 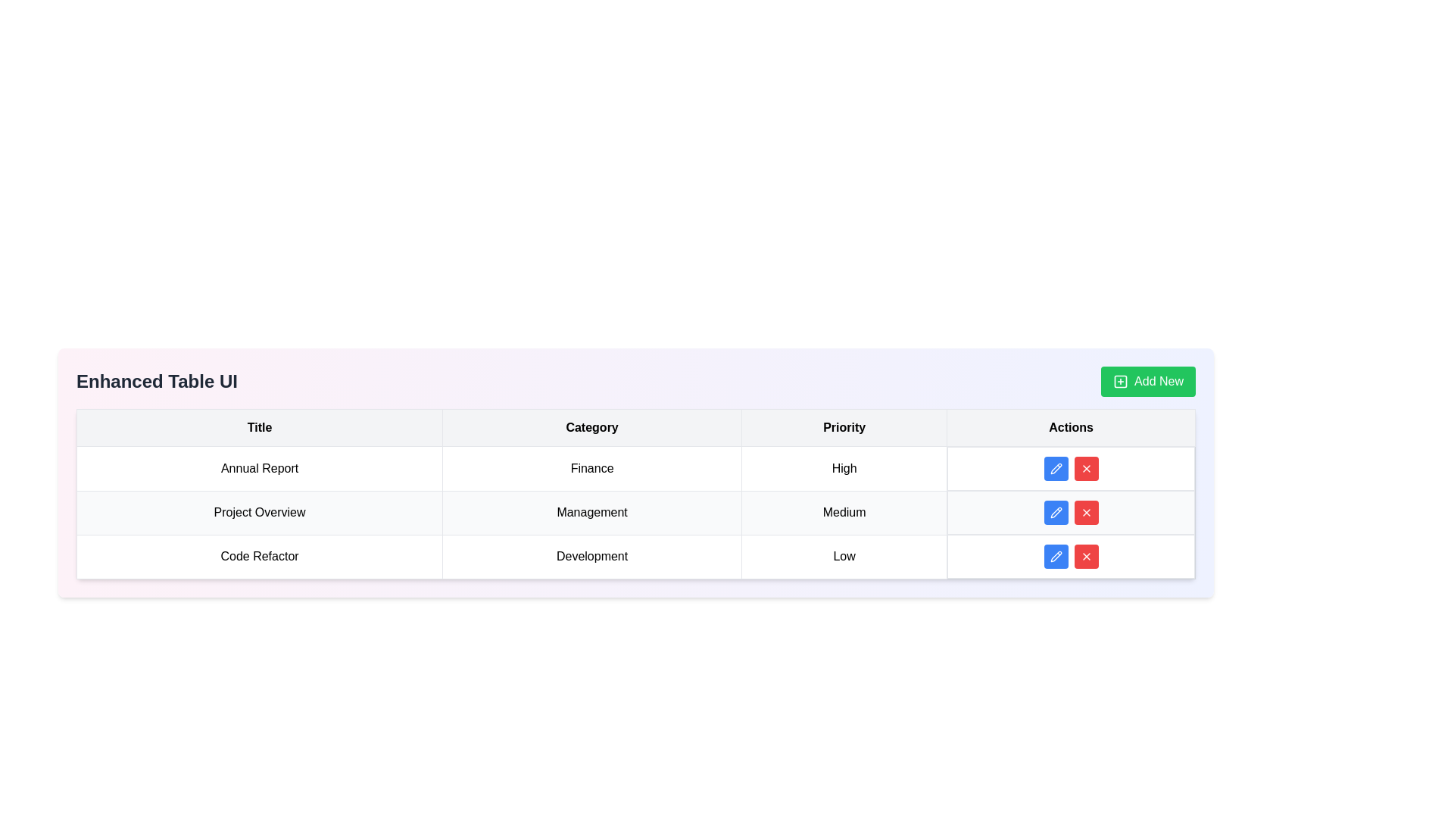 I want to click on text 'Title' from the Table Header Cell, which is the first cell in the row of a table representing the title information, so click(x=260, y=427).